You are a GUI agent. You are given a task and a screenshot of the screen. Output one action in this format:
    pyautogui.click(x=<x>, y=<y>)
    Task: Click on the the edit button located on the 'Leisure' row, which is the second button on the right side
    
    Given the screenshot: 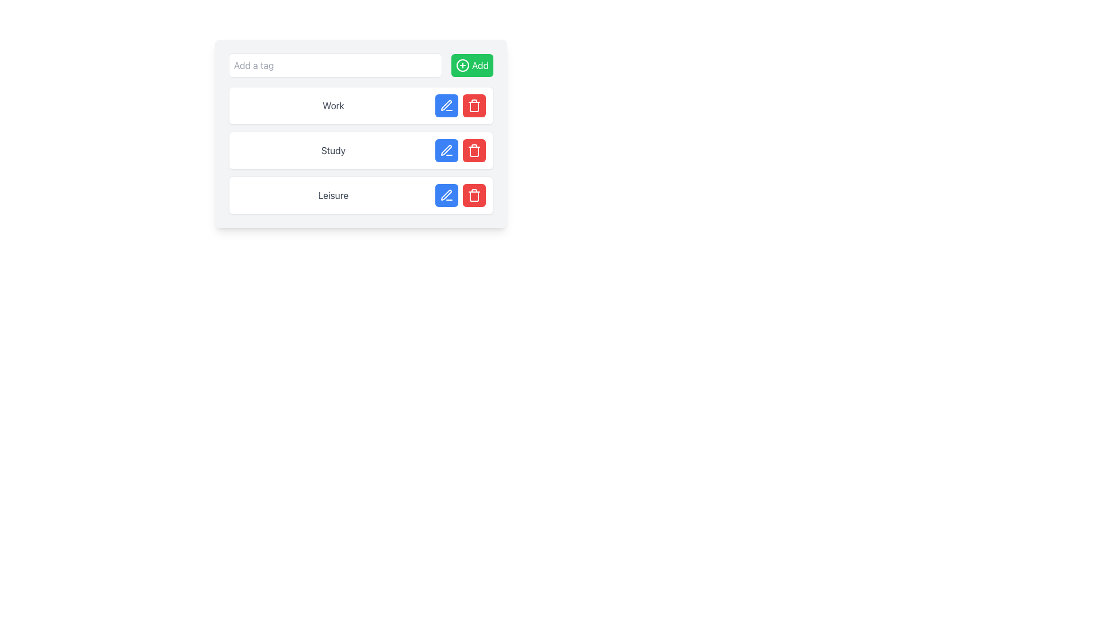 What is the action you would take?
    pyautogui.click(x=446, y=194)
    